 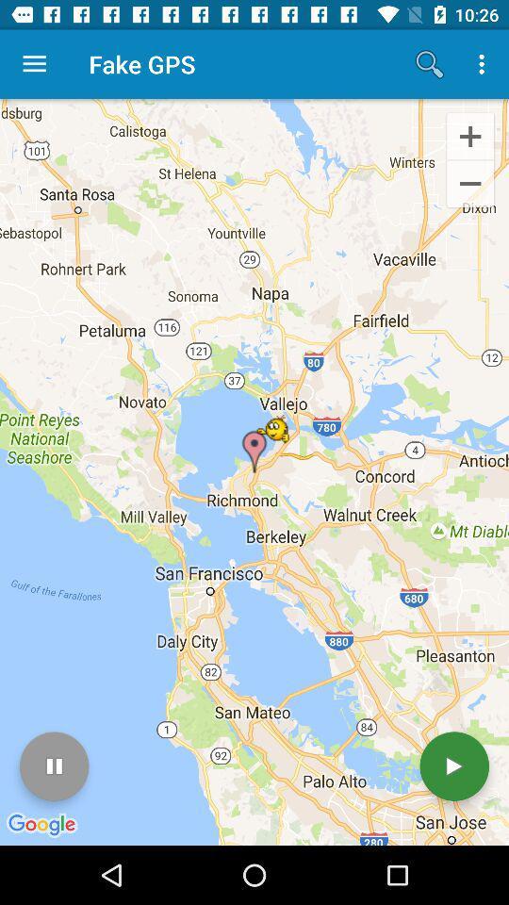 I want to click on icon next to the fake gps app, so click(x=429, y=64).